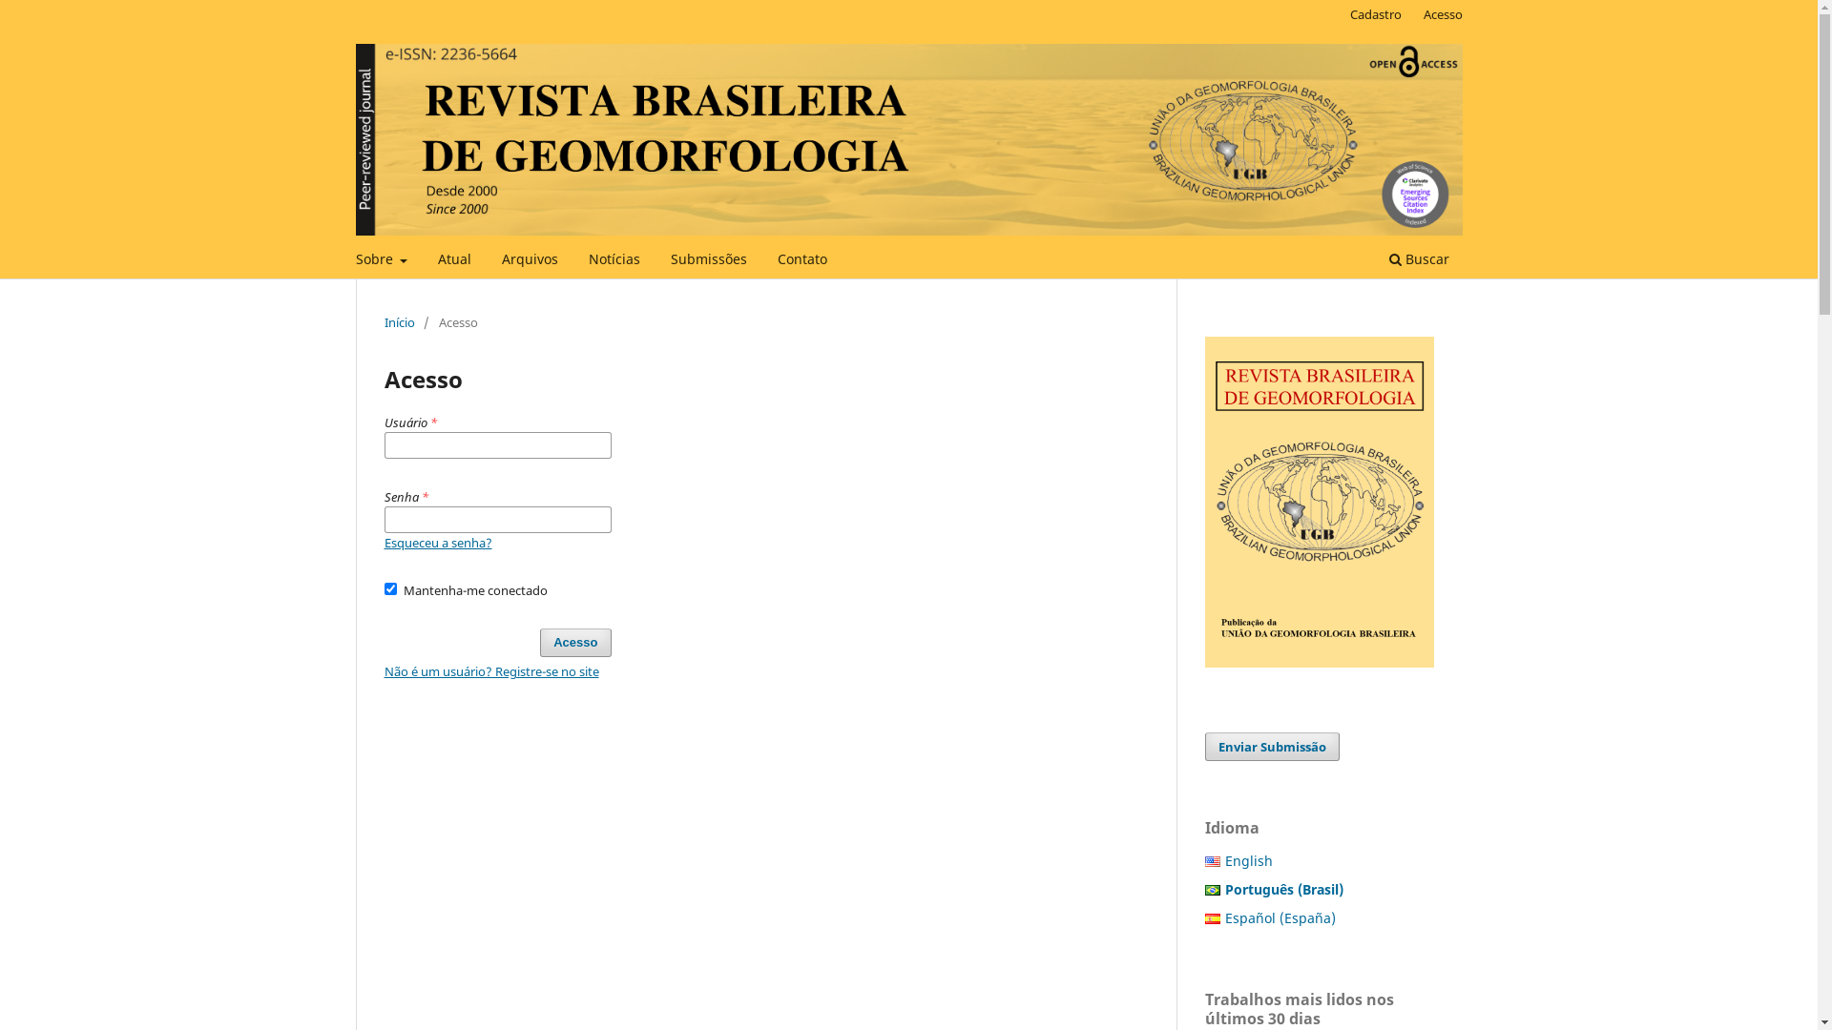 The width and height of the screenshot is (1832, 1030). Describe the element at coordinates (382, 261) in the screenshot. I see `'Sobre'` at that location.